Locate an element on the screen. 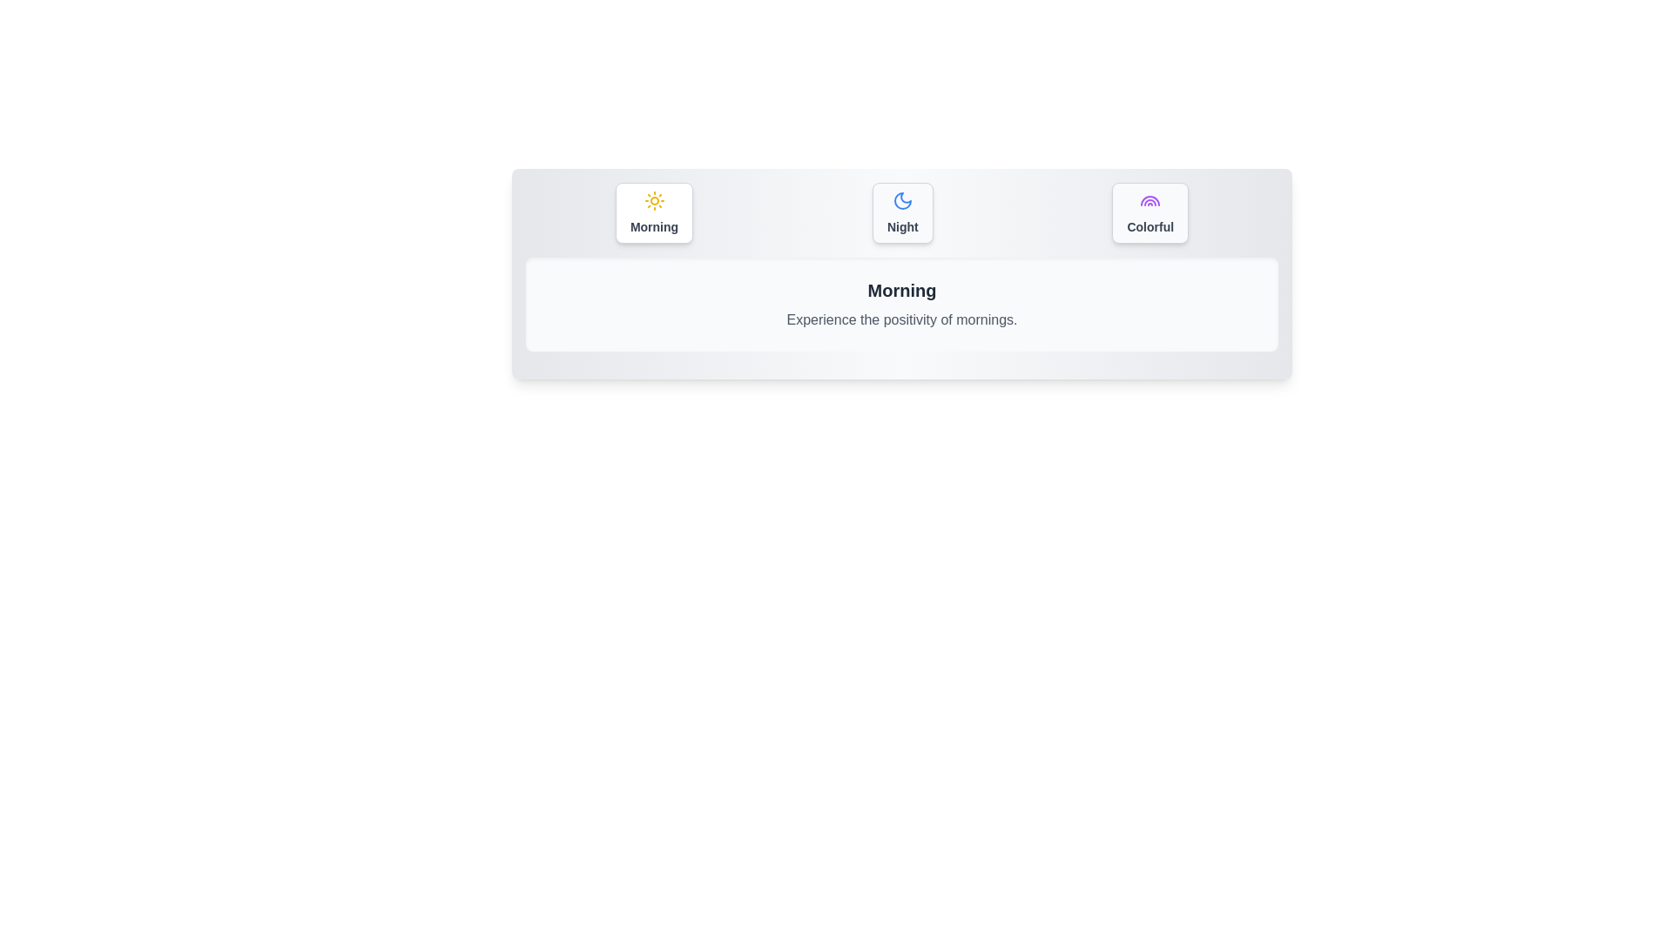 This screenshot has width=1672, height=940. the tab button labeled 'Morning' to switch to that tab is located at coordinates (653, 212).